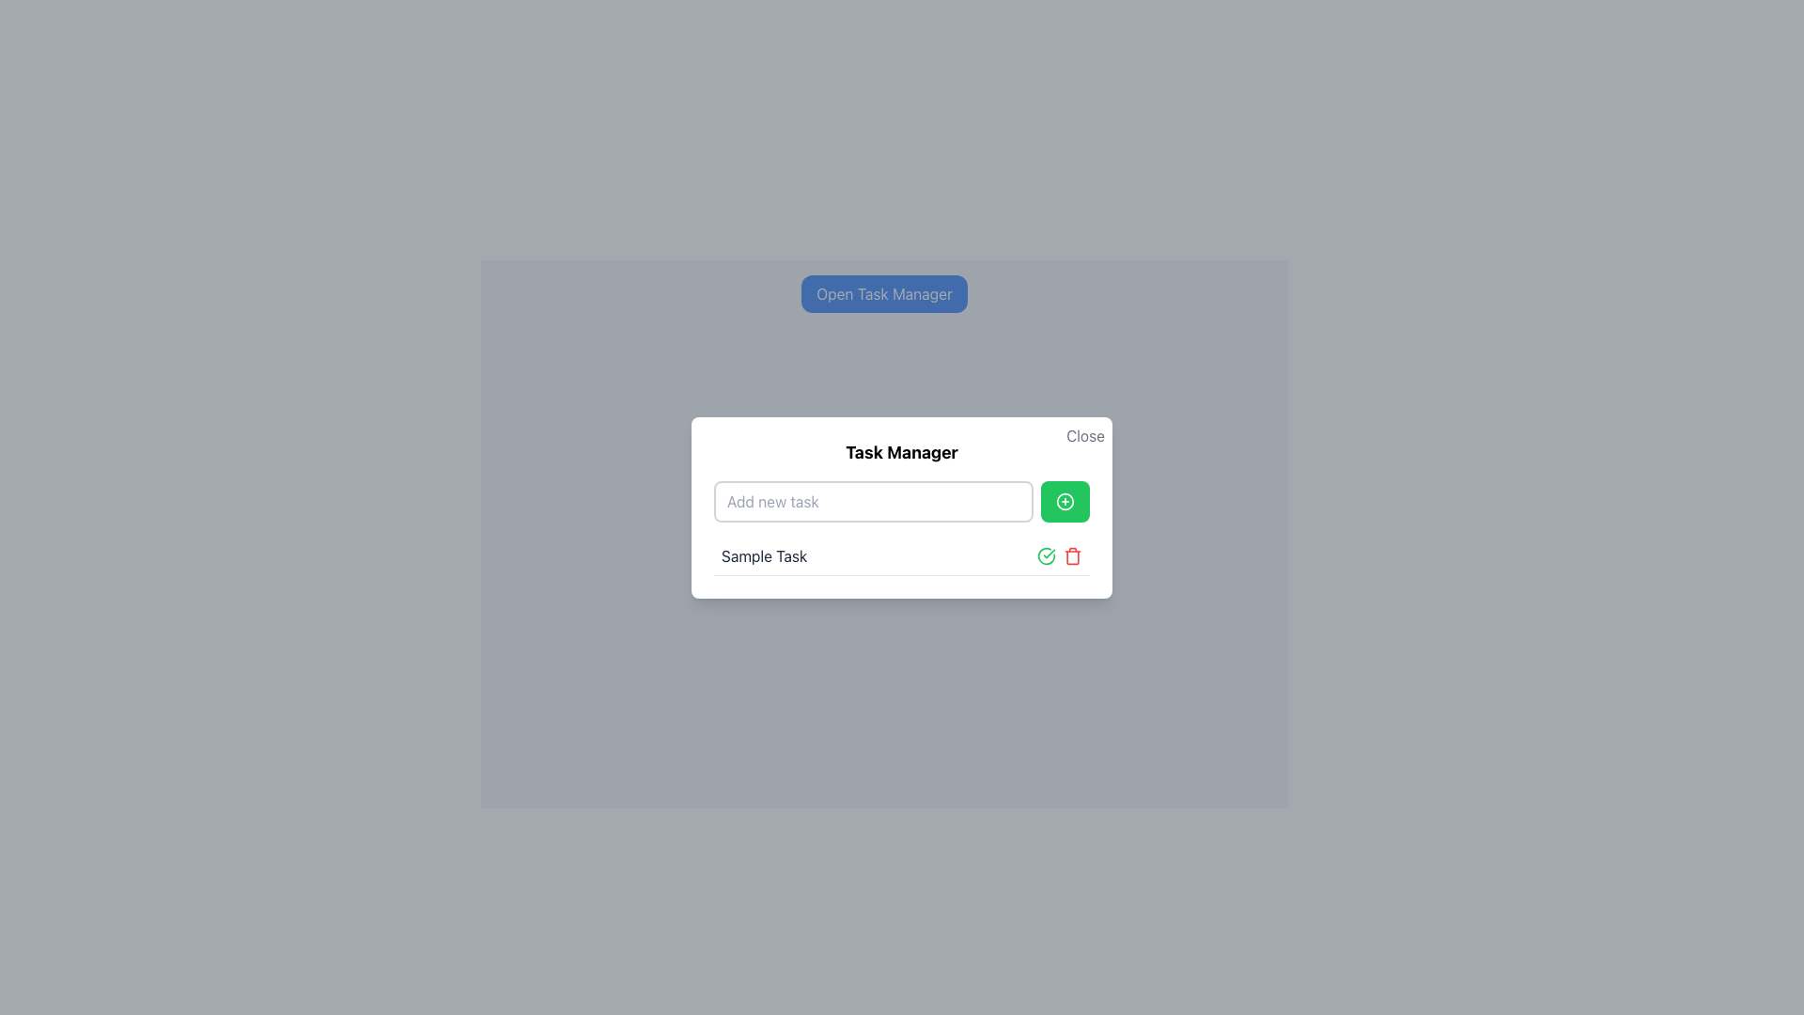  Describe the element at coordinates (1085, 435) in the screenshot. I see `the 'Close' button displayed in gray font at the top-right corner of the modal` at that location.